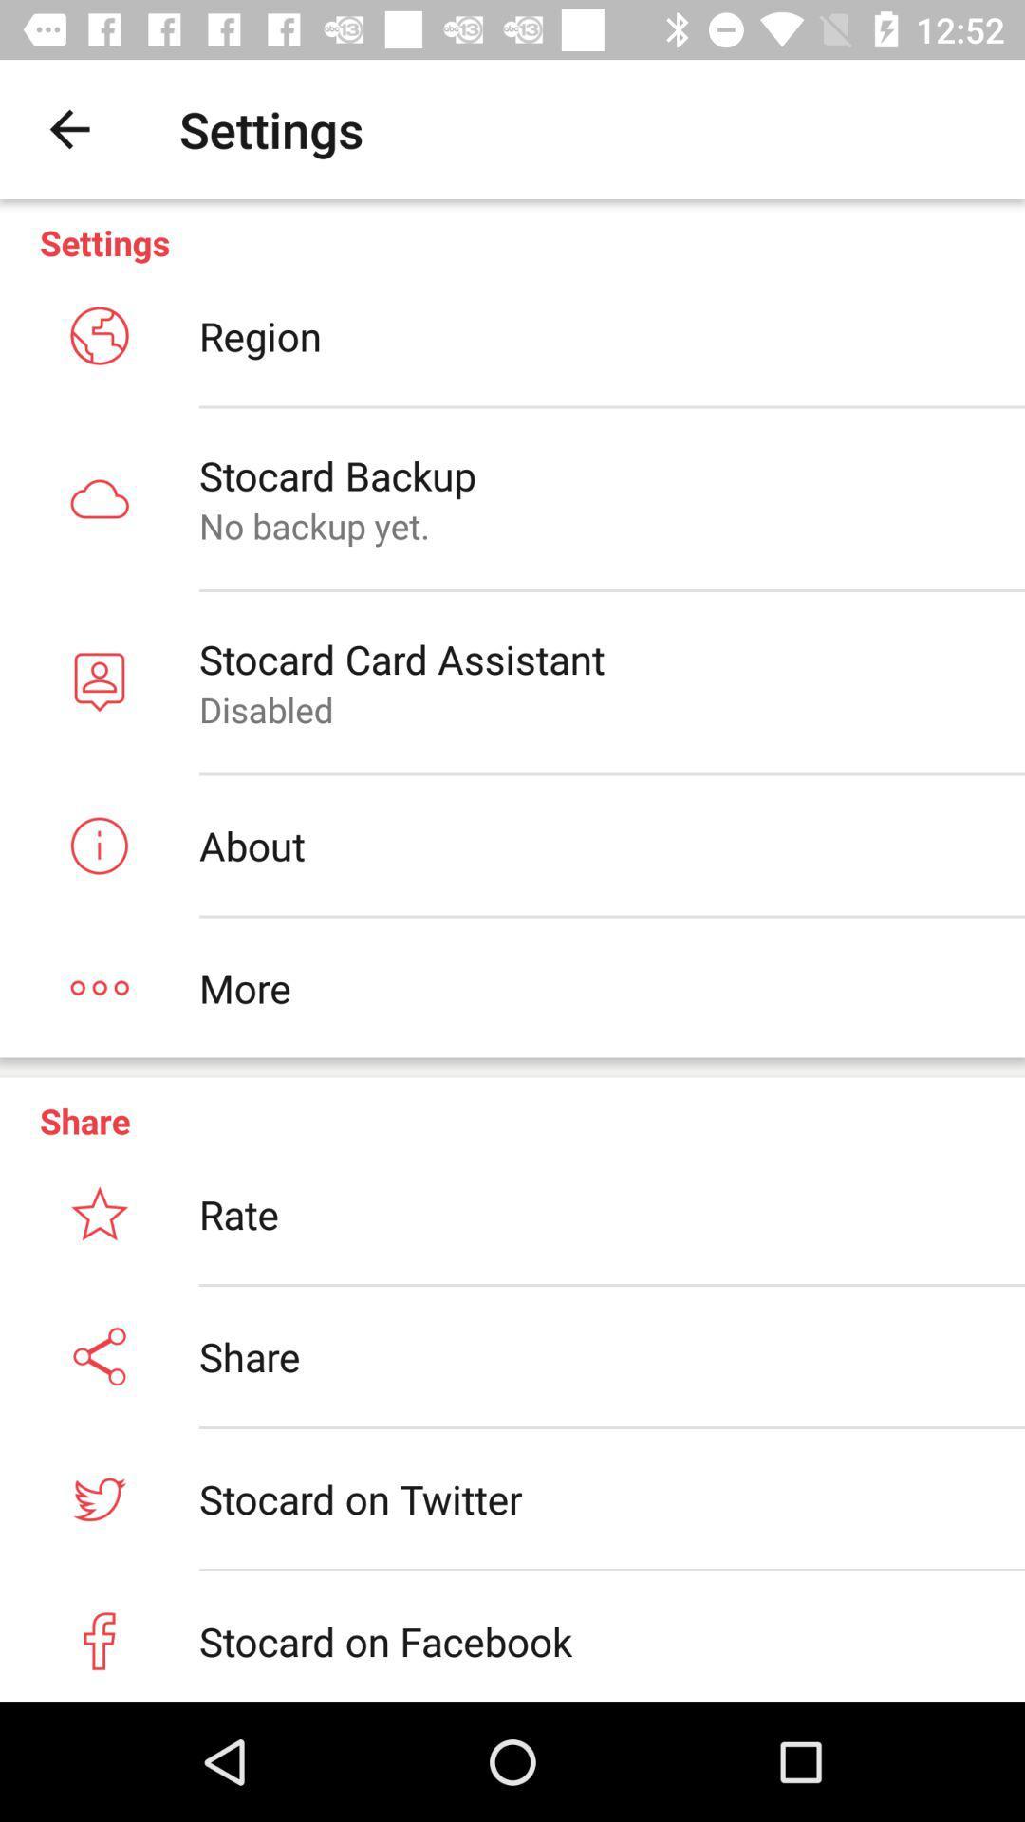 The height and width of the screenshot is (1822, 1025). What do you see at coordinates (68, 128) in the screenshot?
I see `the item to the left of settings item` at bounding box center [68, 128].